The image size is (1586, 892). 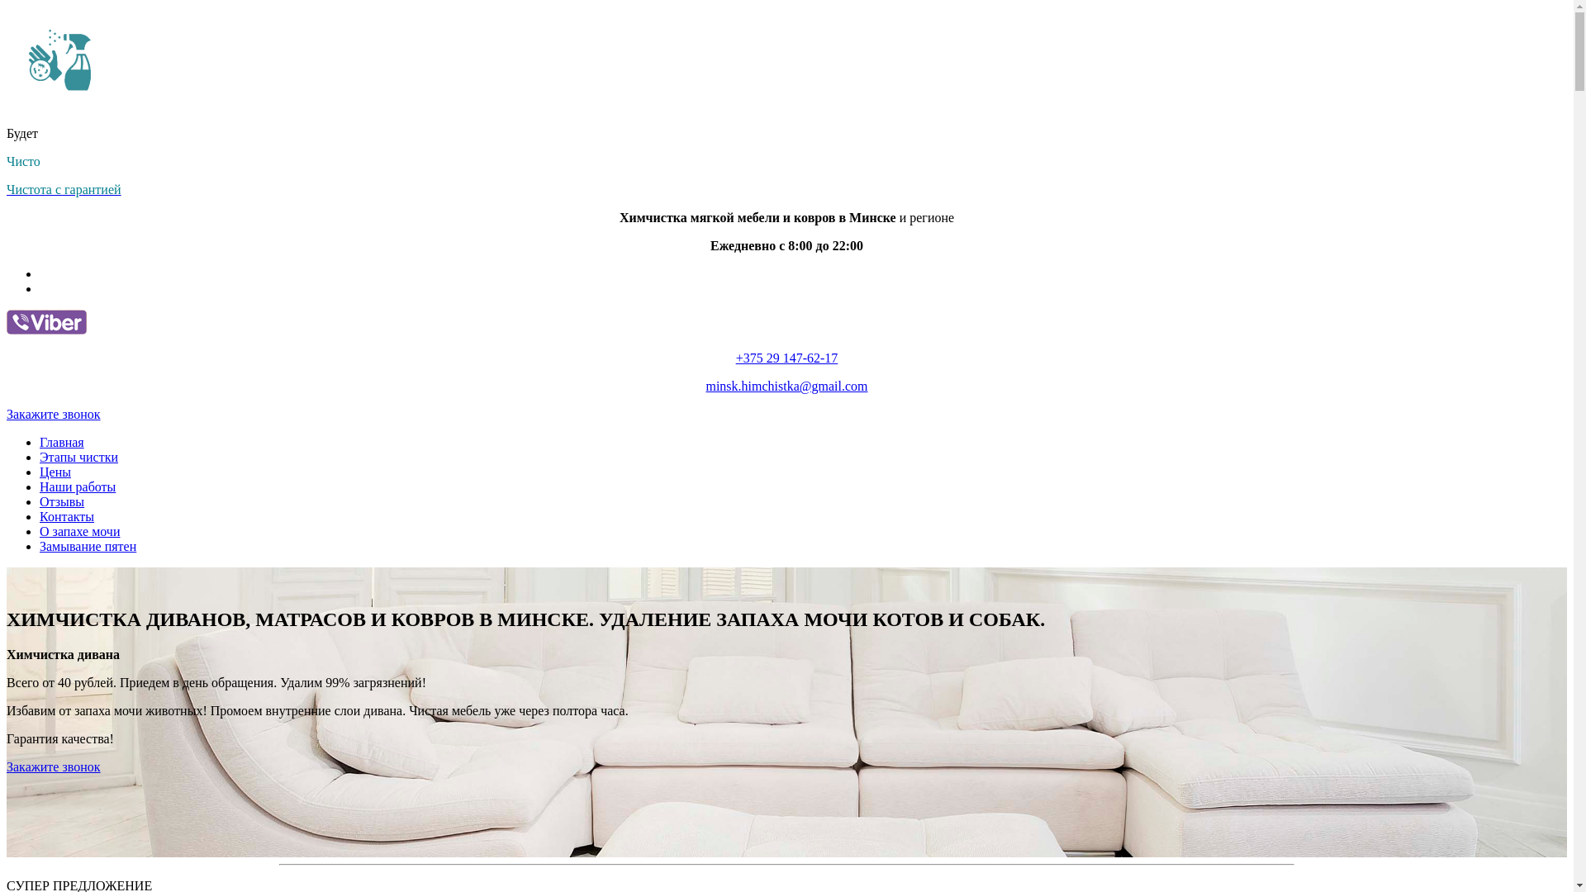 What do you see at coordinates (705, 386) in the screenshot?
I see `'minsk.himchistka@gmail.com'` at bounding box center [705, 386].